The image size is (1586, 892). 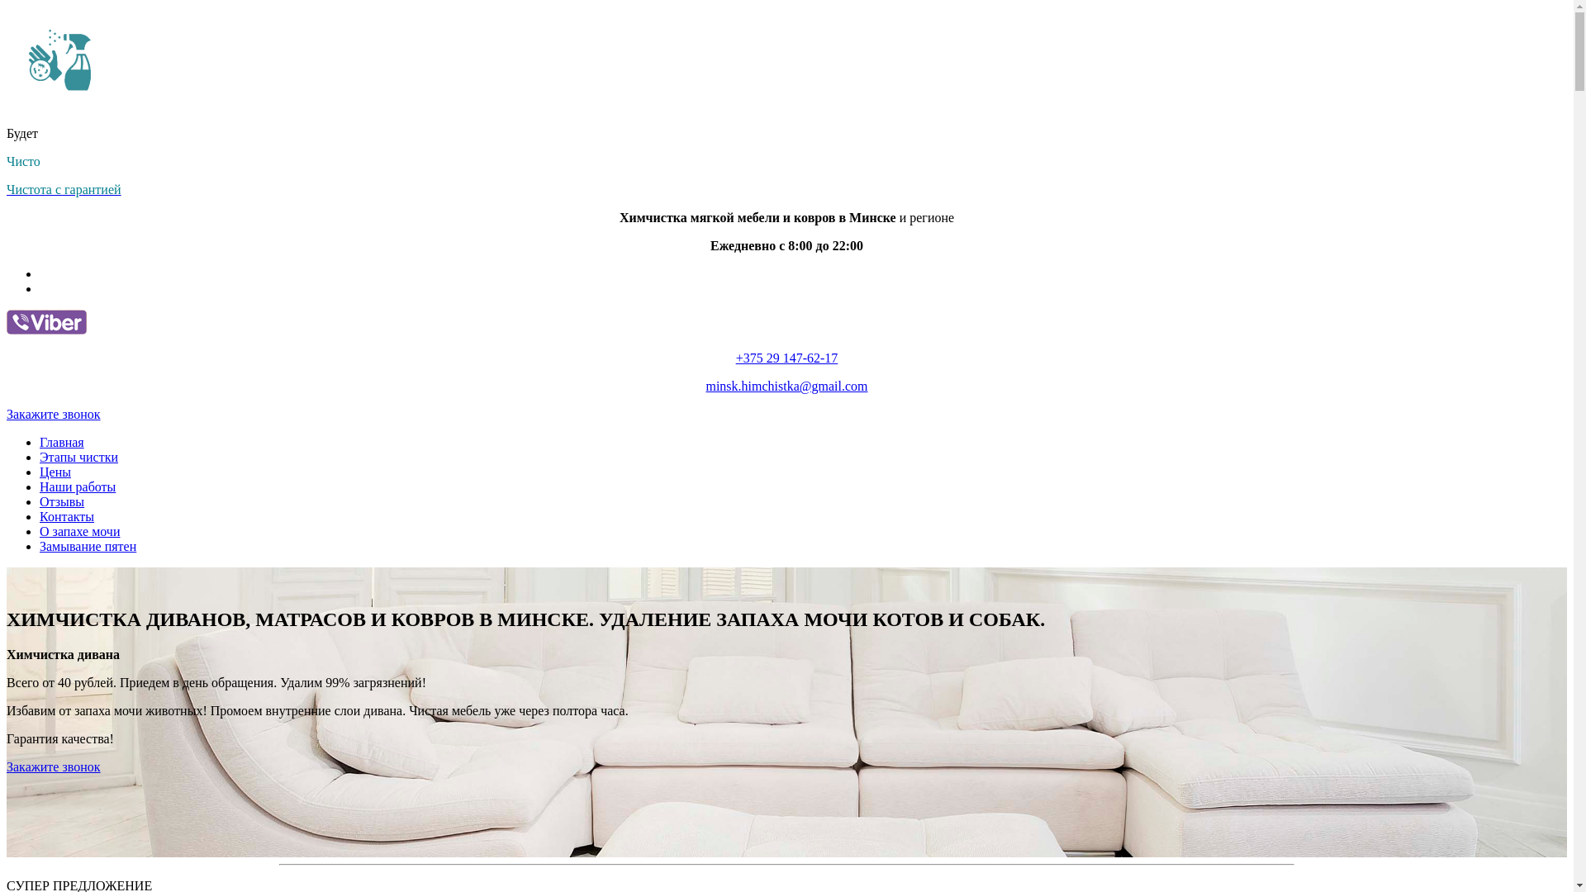 What do you see at coordinates (705, 386) in the screenshot?
I see `'minsk.himchistka@gmail.com'` at bounding box center [705, 386].